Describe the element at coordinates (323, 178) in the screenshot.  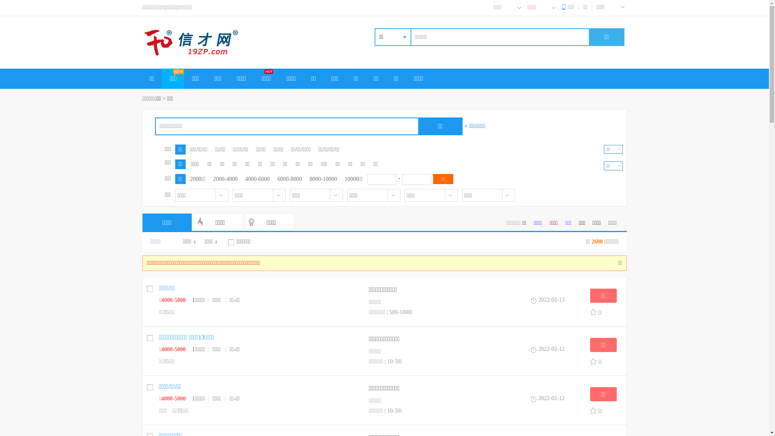
I see `'8000-10000'` at that location.